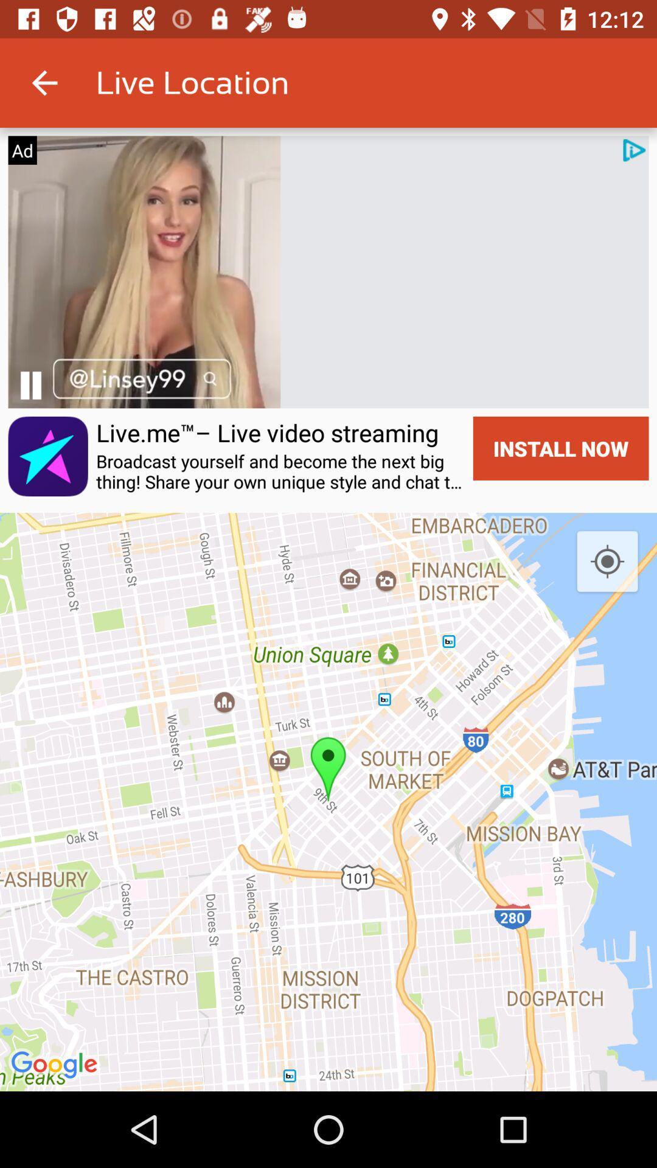 This screenshot has height=1168, width=657. I want to click on icon to the left of the live me live item, so click(30, 384).